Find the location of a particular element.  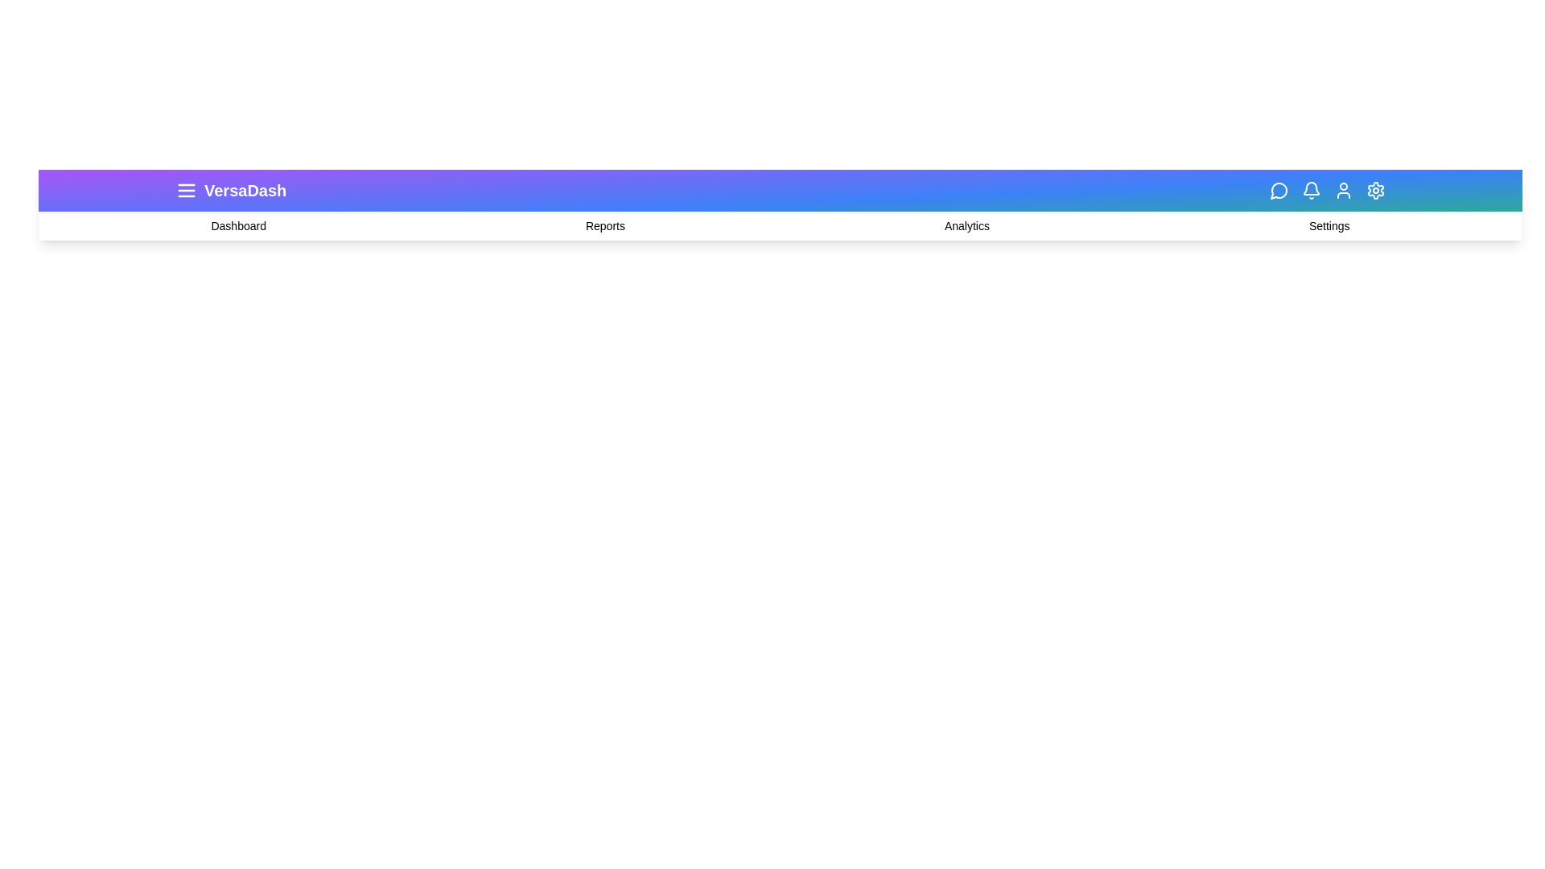

the 'Settings' label in the navigation bar to navigate to the settings page is located at coordinates (1329, 226).